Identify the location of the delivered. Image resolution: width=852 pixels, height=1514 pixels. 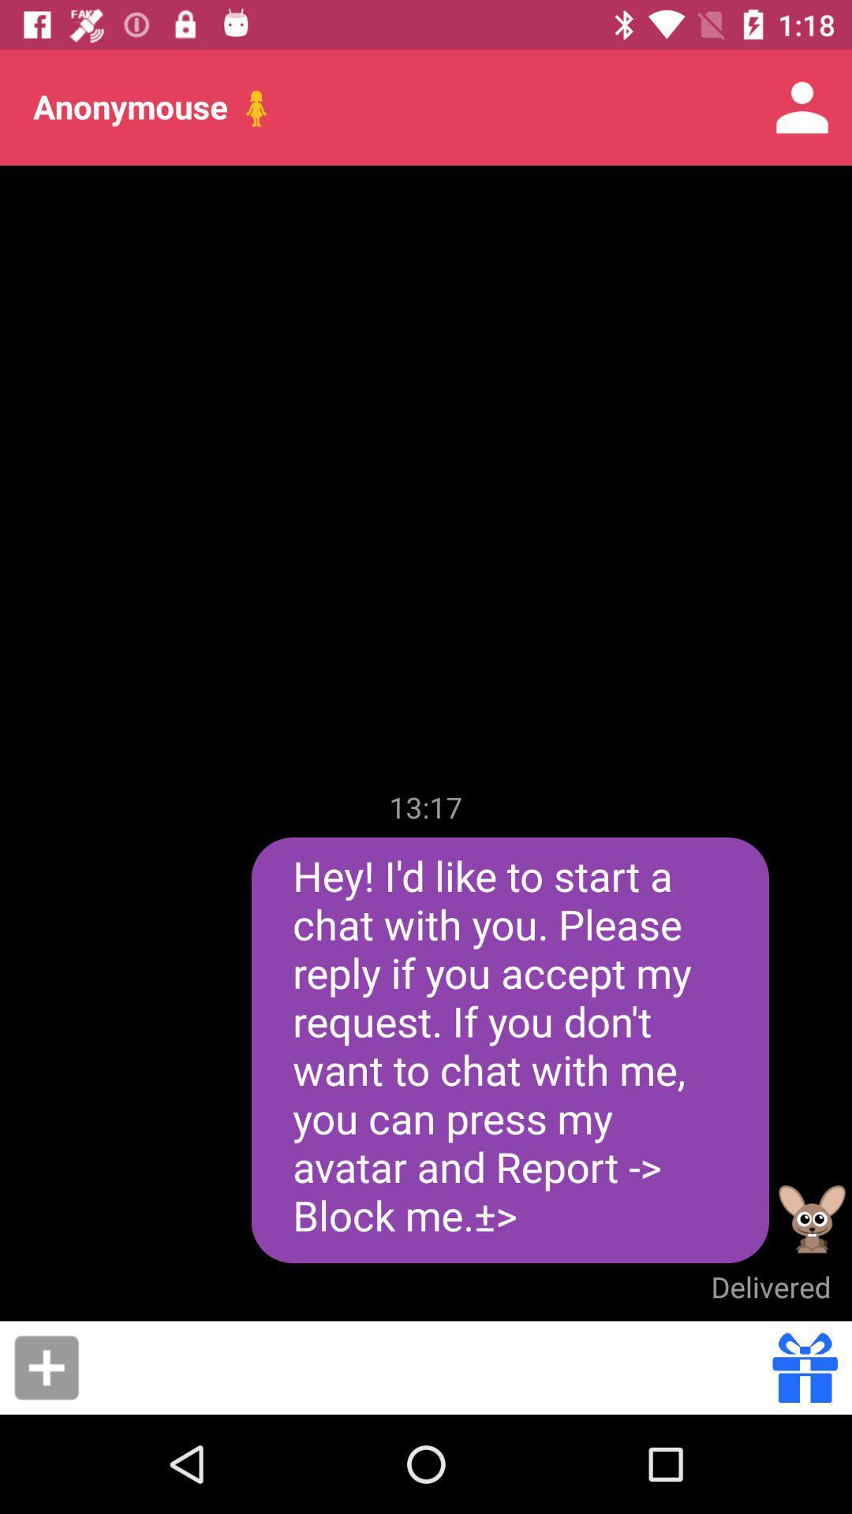
(770, 1287).